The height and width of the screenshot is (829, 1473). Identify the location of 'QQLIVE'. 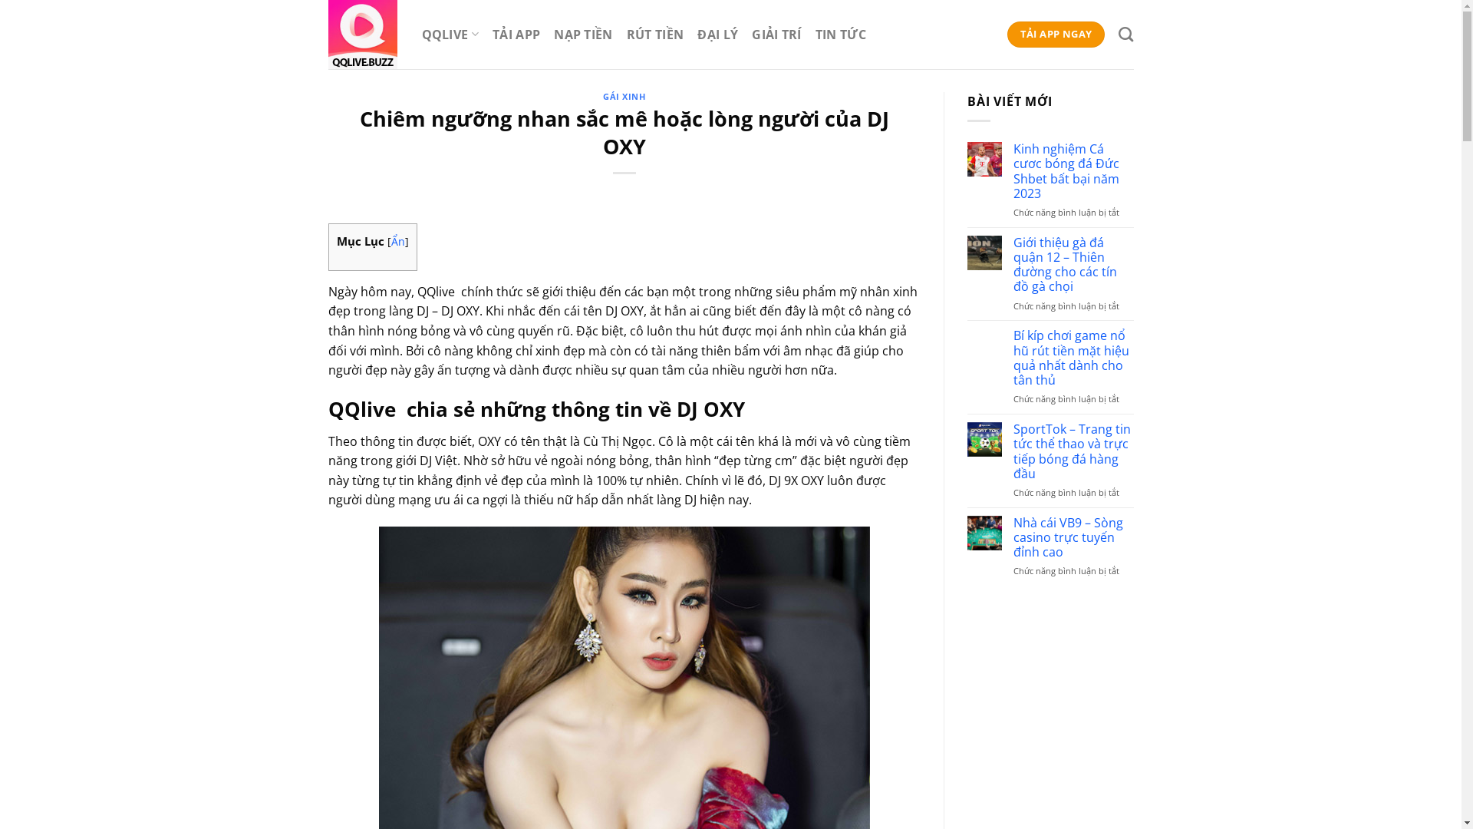
(449, 34).